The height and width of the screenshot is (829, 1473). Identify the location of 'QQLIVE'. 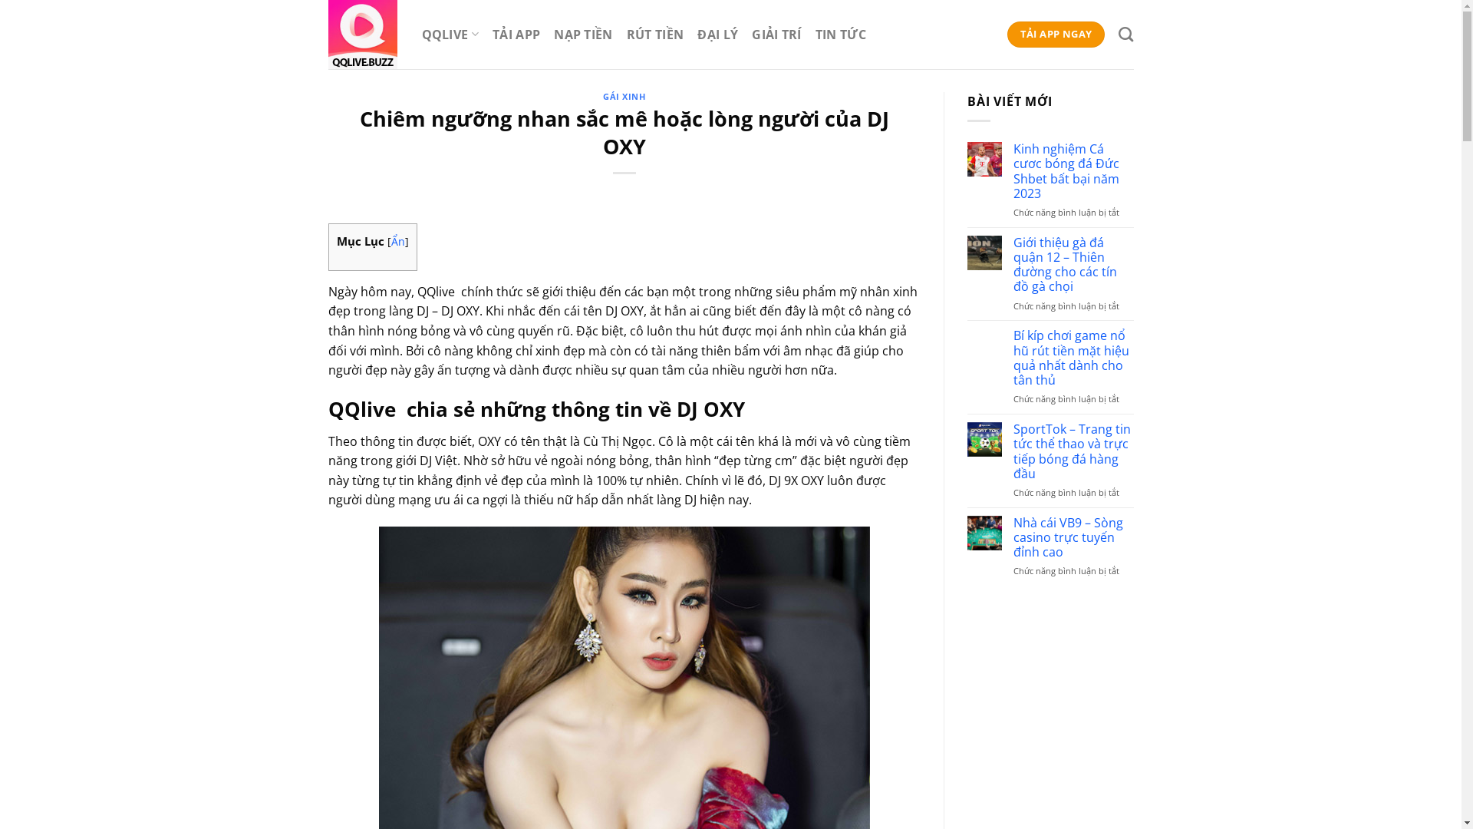
(449, 34).